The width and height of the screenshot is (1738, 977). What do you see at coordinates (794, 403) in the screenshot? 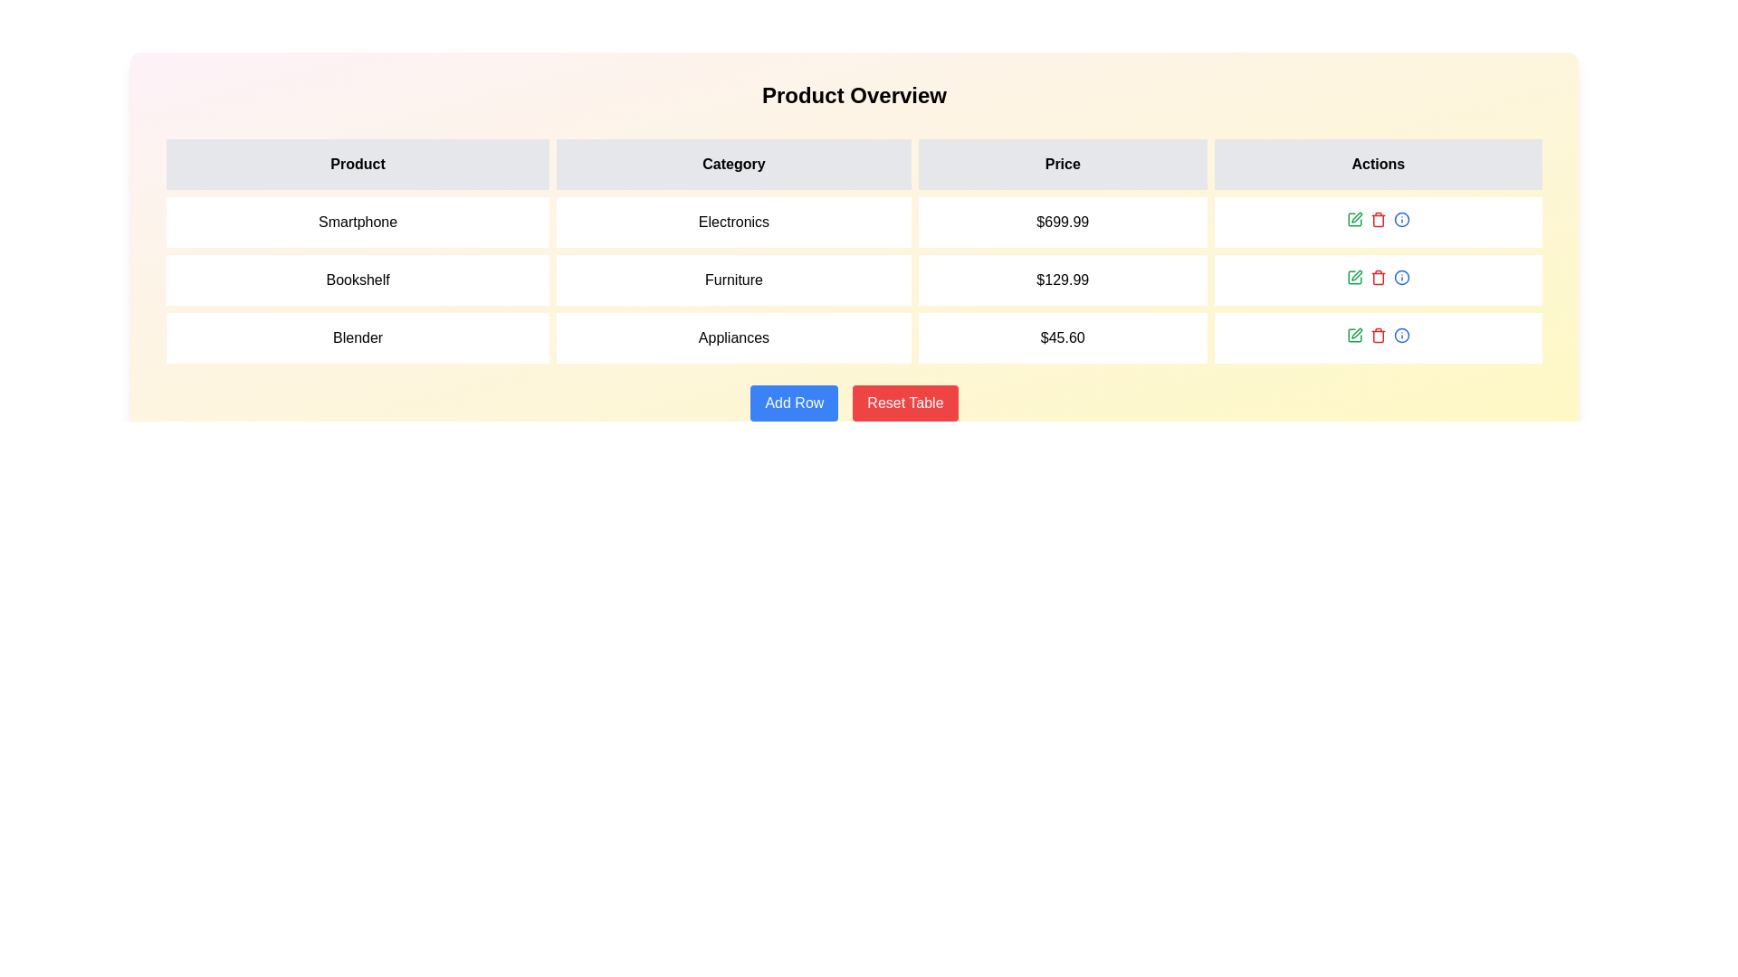
I see `the blue 'Add Row' button with white text to change its appearance` at bounding box center [794, 403].